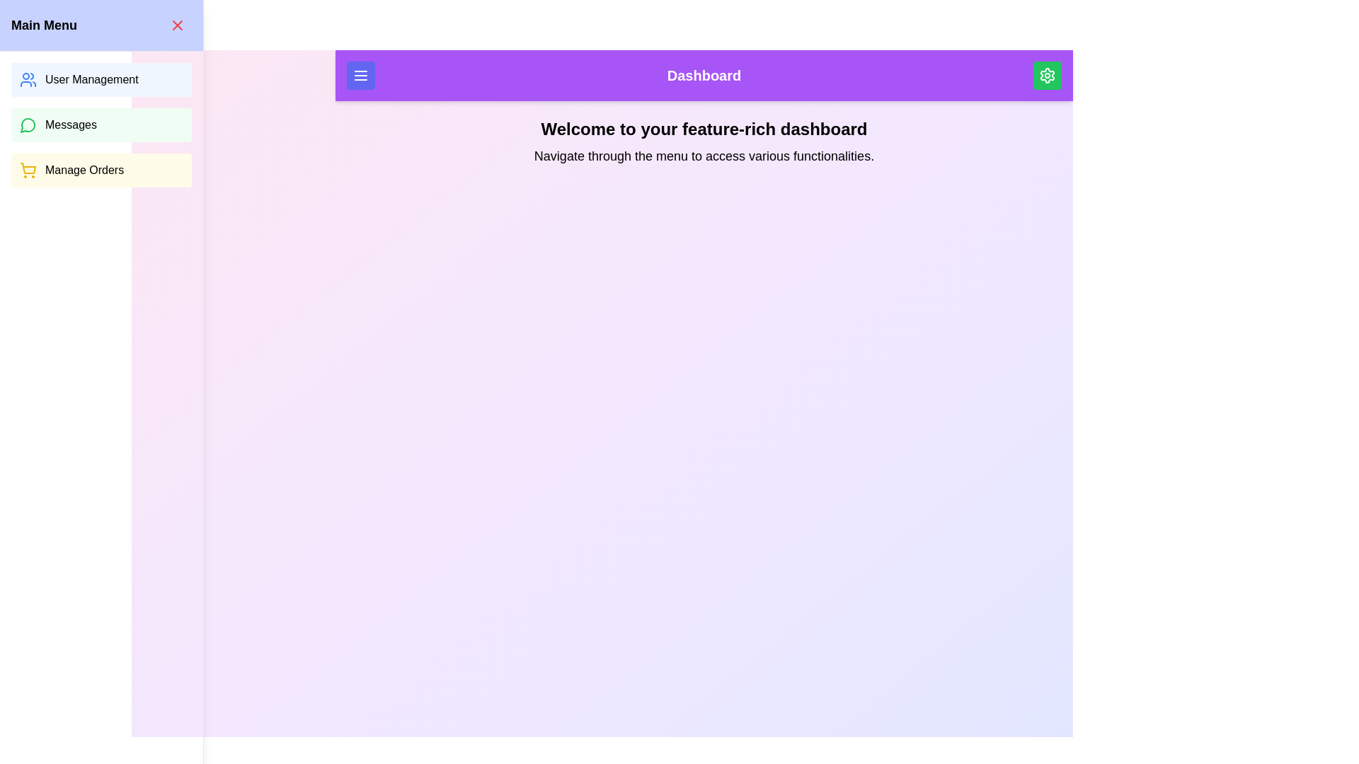 Image resolution: width=1359 pixels, height=764 pixels. Describe the element at coordinates (101, 125) in the screenshot. I see `the 'Messages' button located in the vertical menu list of the 'Main Menu' sidebar, which is situated beneath the 'User Management' button and above the 'Manage Orders' button` at that location.